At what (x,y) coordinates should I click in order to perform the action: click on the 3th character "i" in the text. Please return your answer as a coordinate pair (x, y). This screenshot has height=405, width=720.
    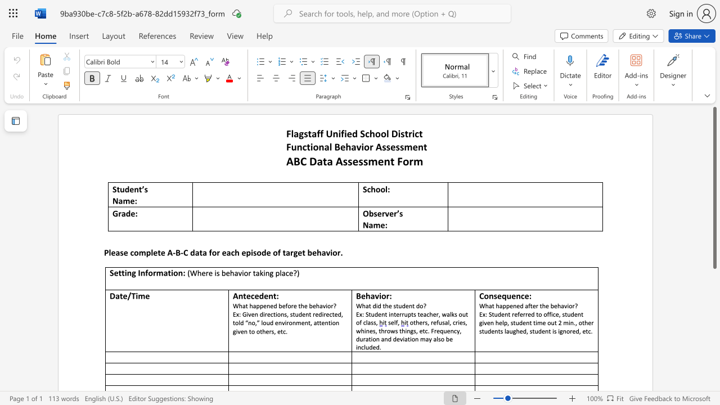
    Looking at the image, I should click on (399, 133).